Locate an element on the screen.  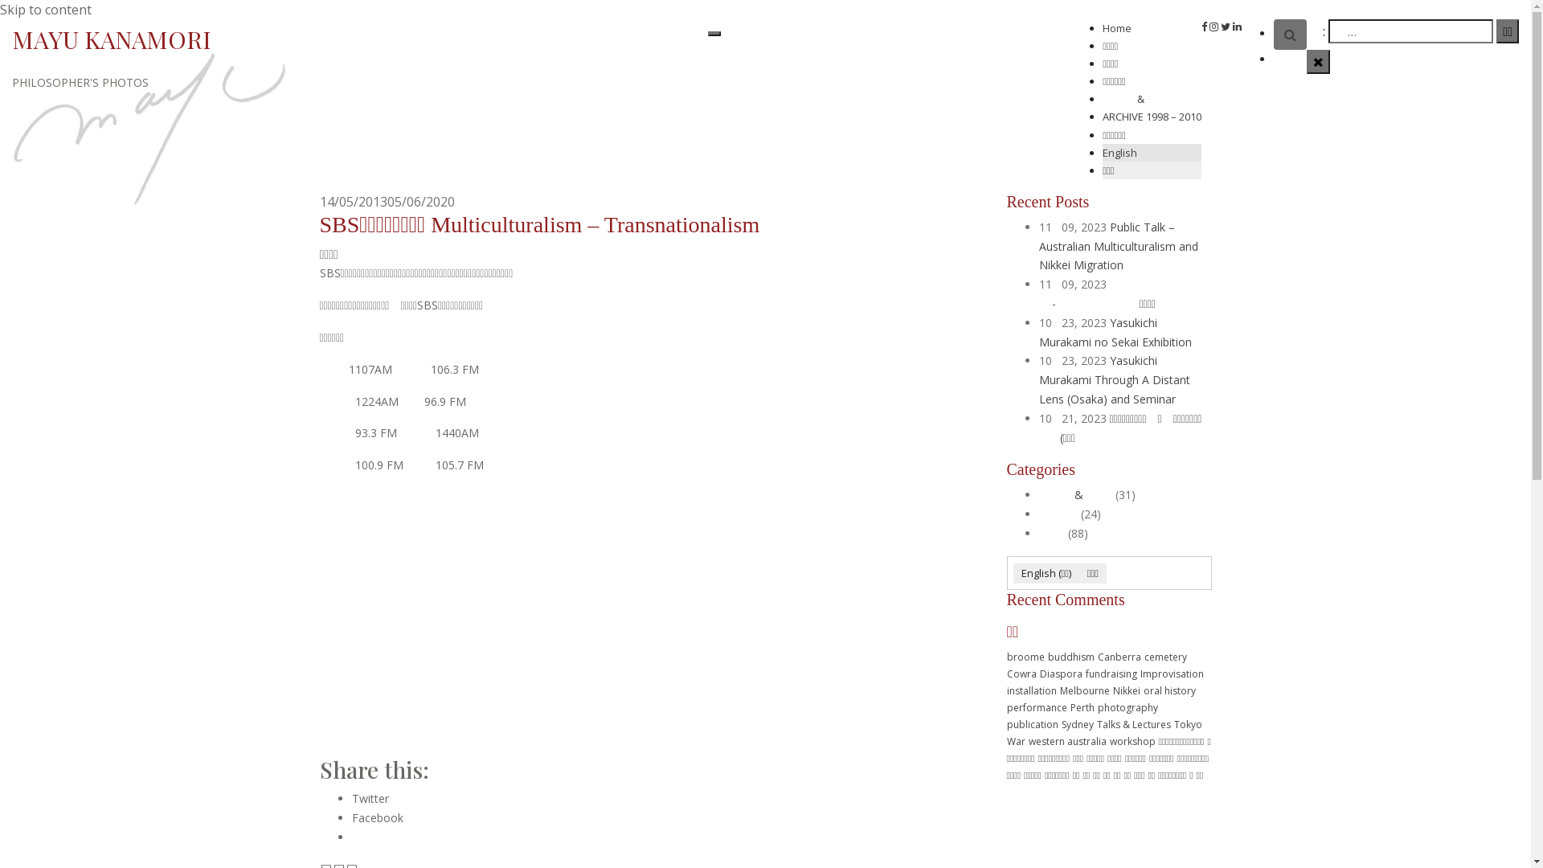
'Sydney' is located at coordinates (1061, 724).